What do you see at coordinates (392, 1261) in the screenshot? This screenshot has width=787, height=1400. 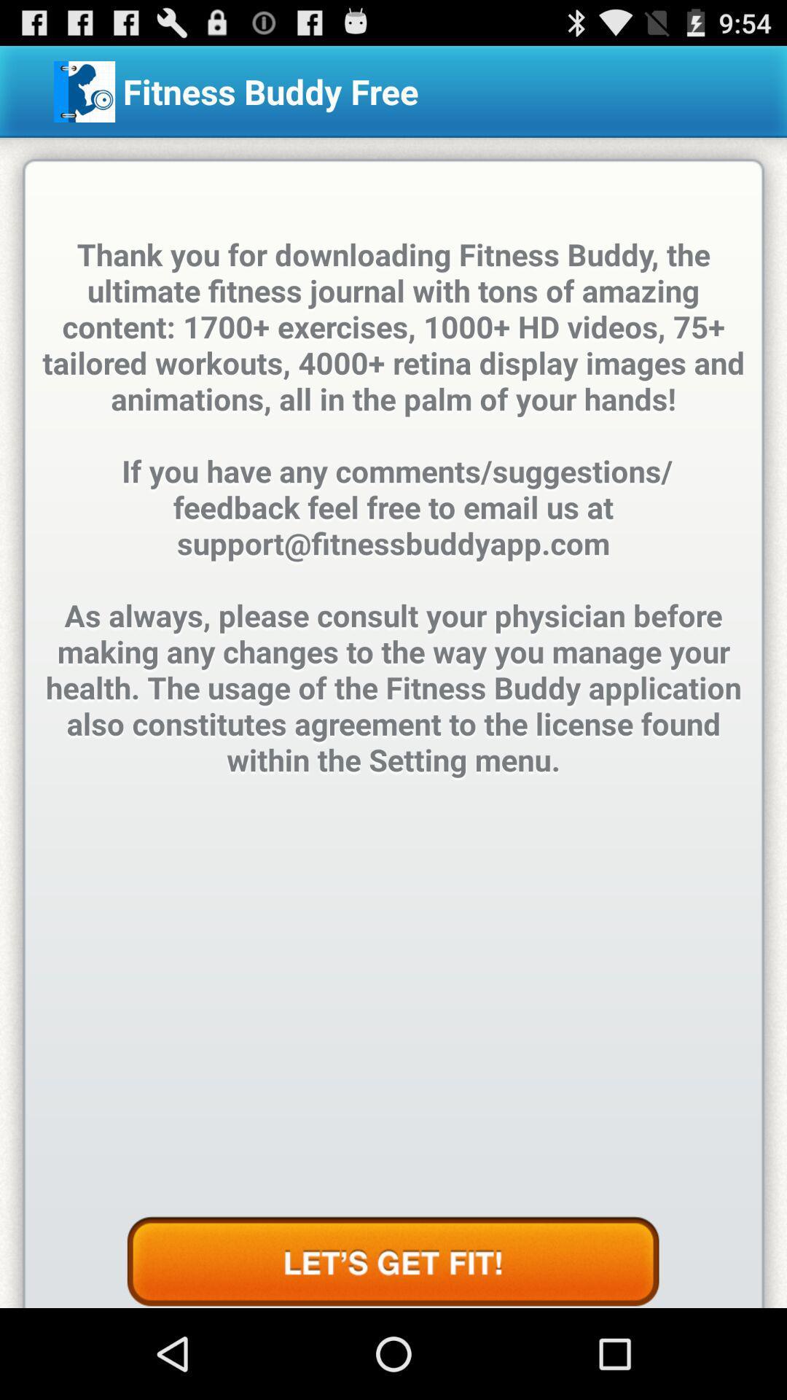 I see `activation` at bounding box center [392, 1261].